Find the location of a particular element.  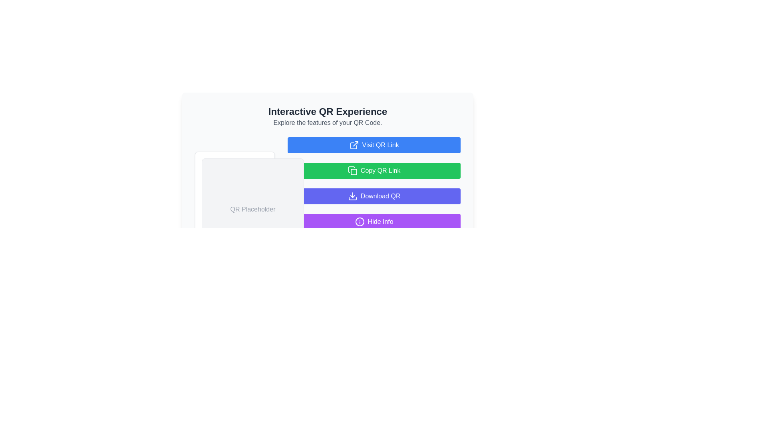

the copy action icon for the 'Copy QR Link' button, which is visually represented next to the button's label and is situated in the second row of interactive buttons is located at coordinates (352, 170).